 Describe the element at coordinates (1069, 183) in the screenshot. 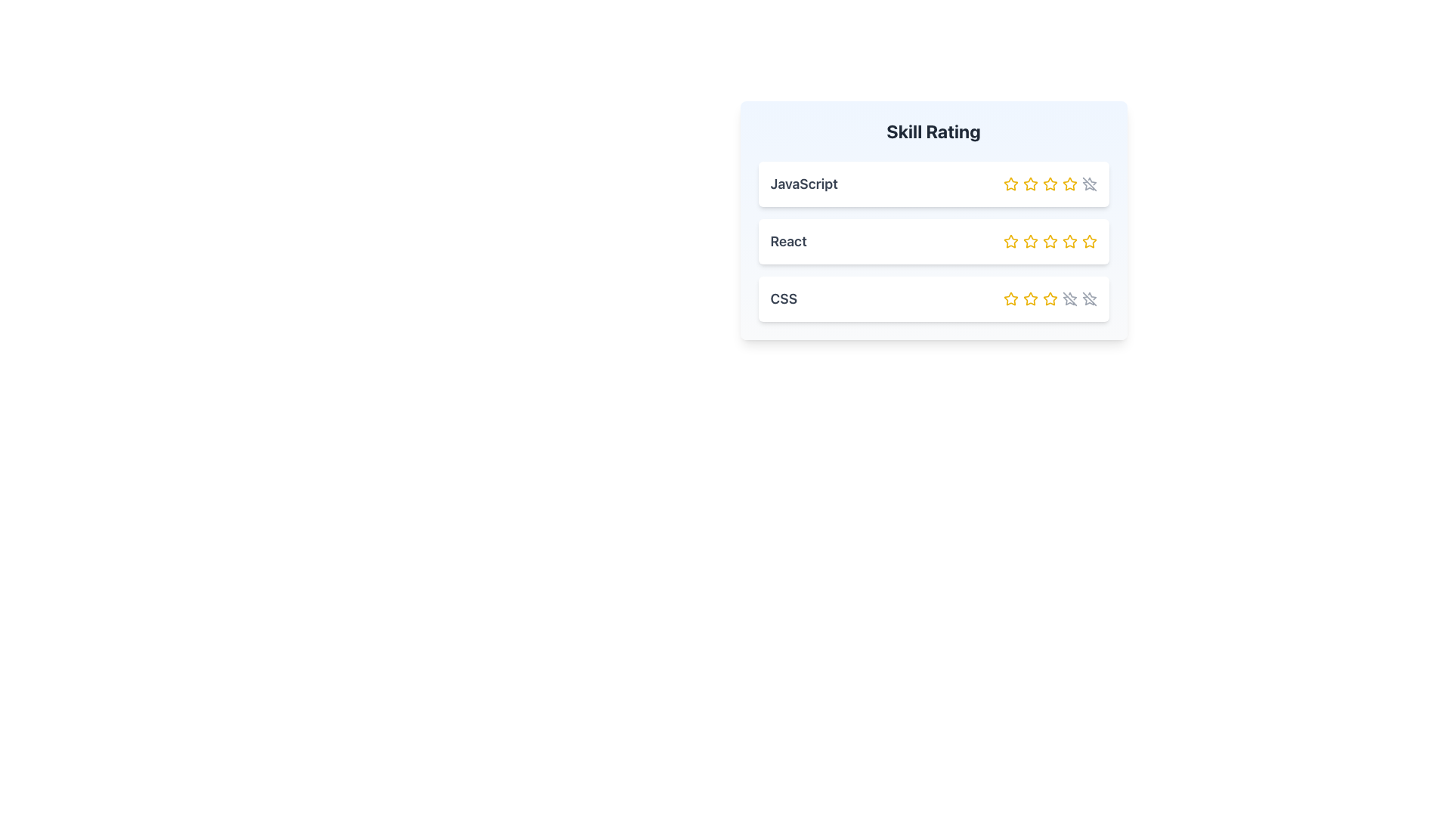

I see `the fourth star icon in the rating system for the 'JavaScript' skill set` at that location.